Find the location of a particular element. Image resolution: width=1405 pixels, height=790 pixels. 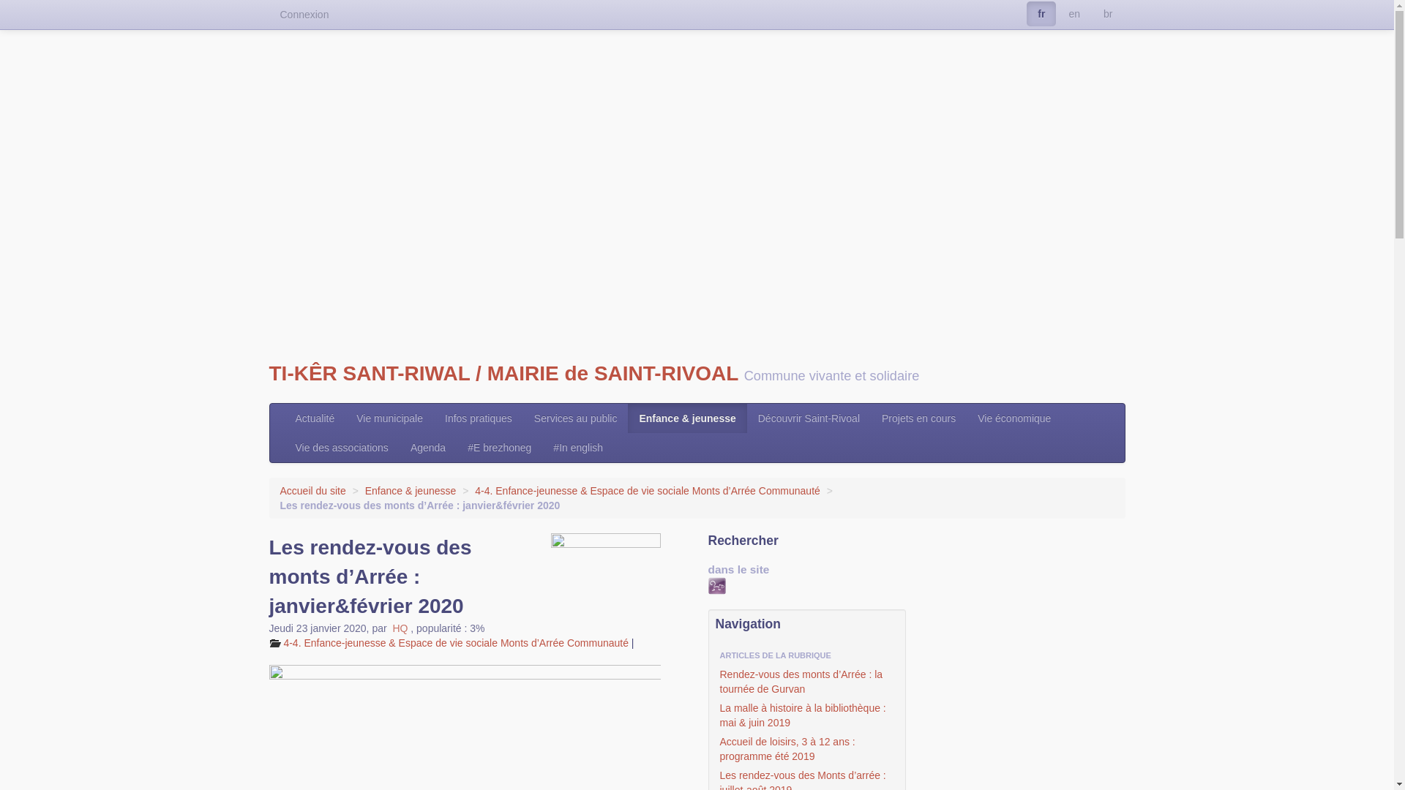

'#E brezhoneg' is located at coordinates (499, 447).